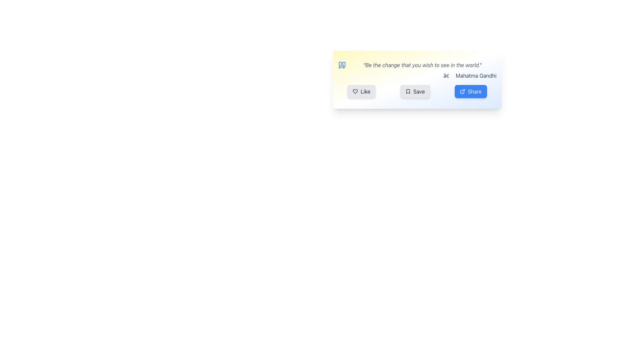  I want to click on the italicized text displaying the quote "Be the change that you wish, so click(417, 70).